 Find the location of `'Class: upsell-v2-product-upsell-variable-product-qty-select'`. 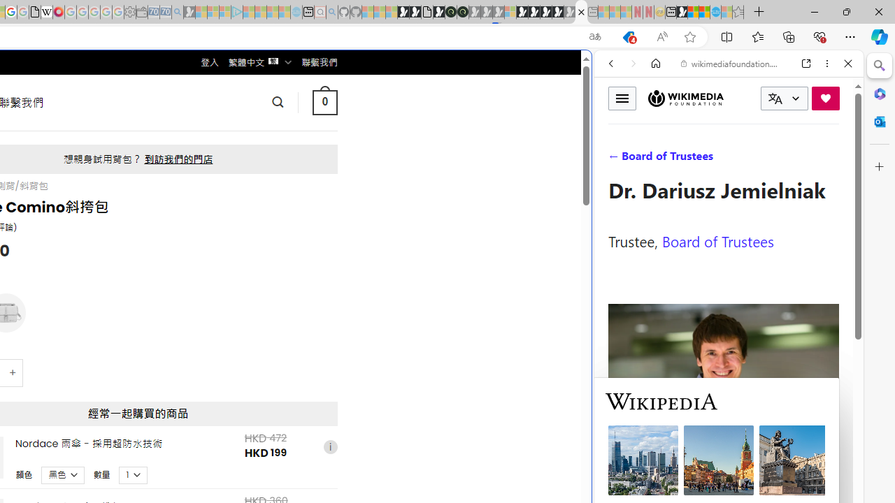

'Class: upsell-v2-product-upsell-variable-product-qty-select' is located at coordinates (134, 474).